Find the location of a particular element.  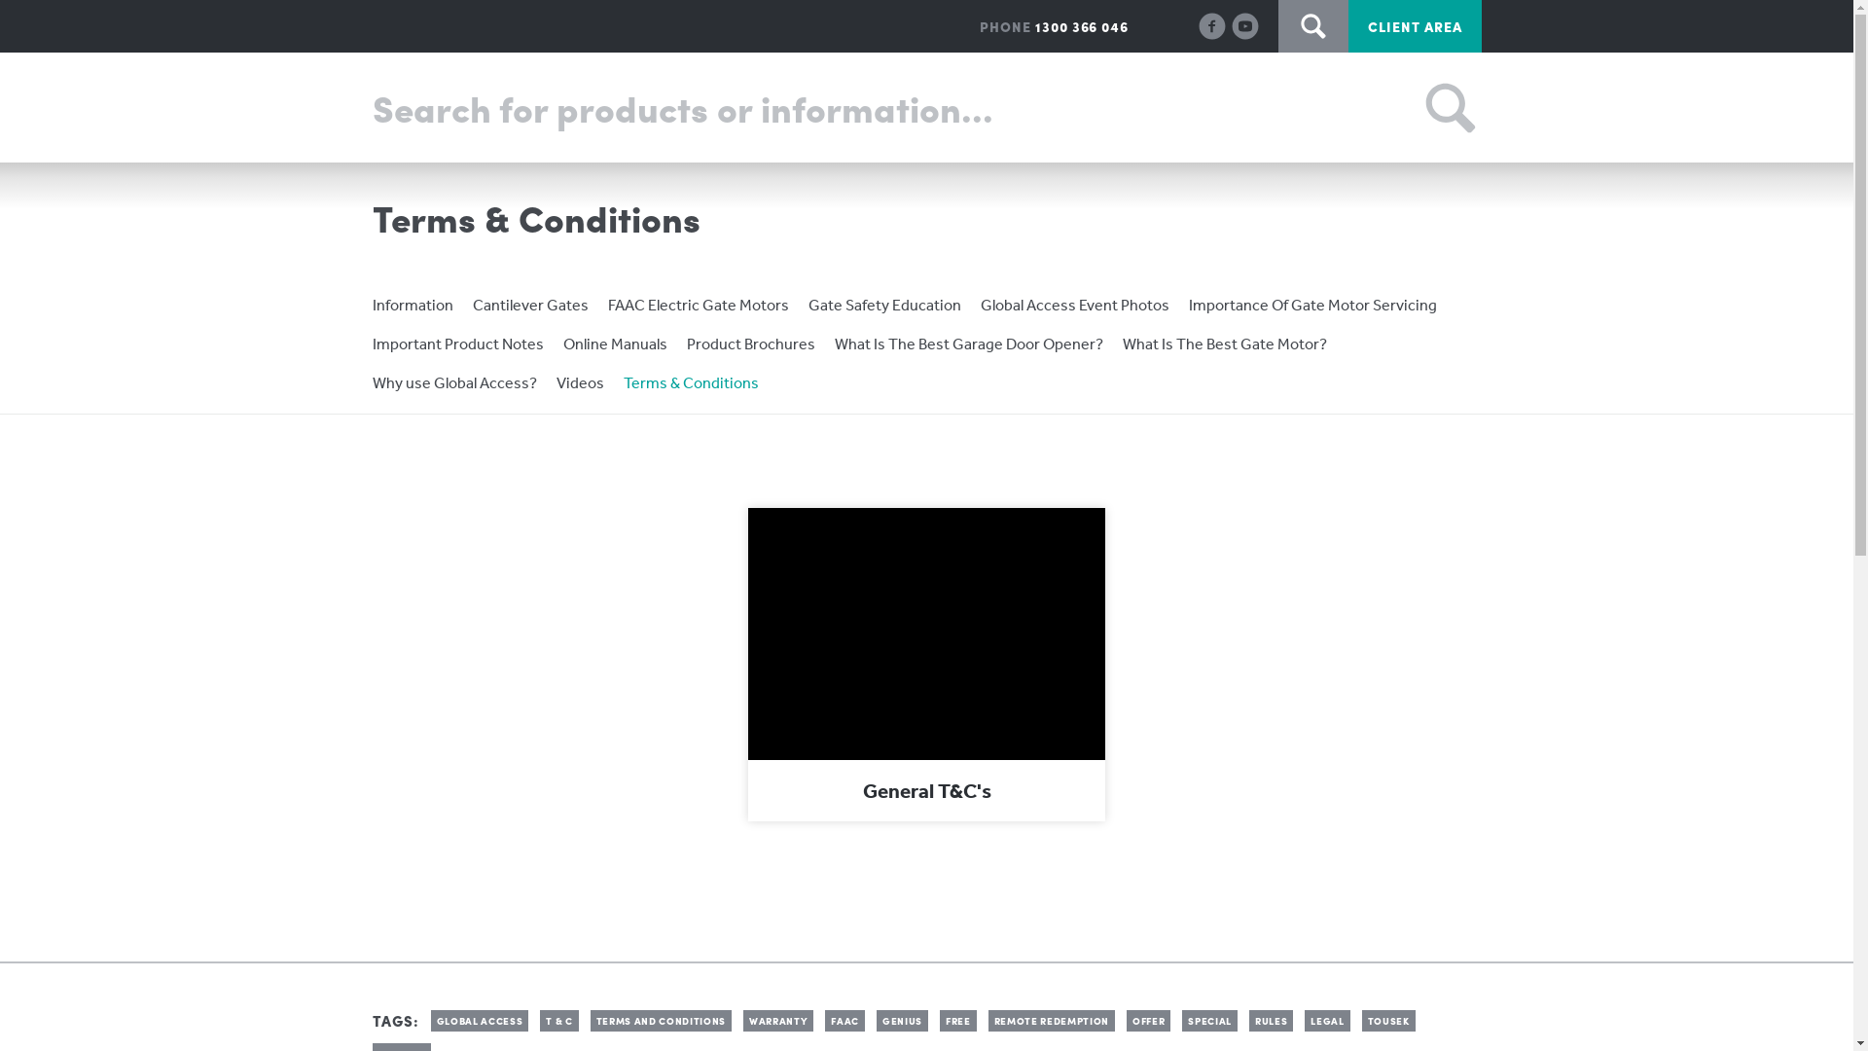

'Cantilever Gates' is located at coordinates (530, 304).